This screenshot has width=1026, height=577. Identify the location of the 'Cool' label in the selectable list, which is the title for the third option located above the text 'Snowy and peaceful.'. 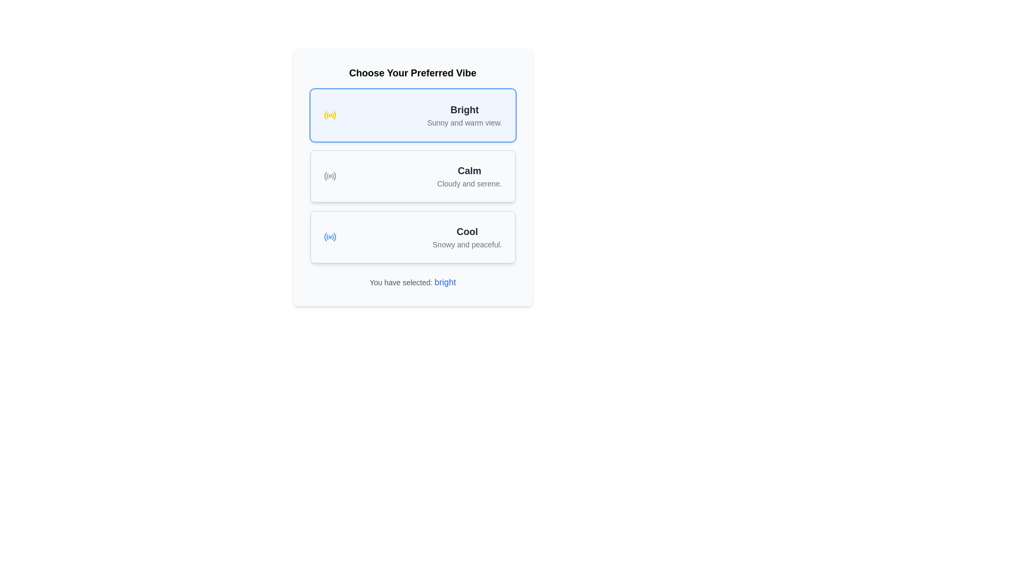
(467, 231).